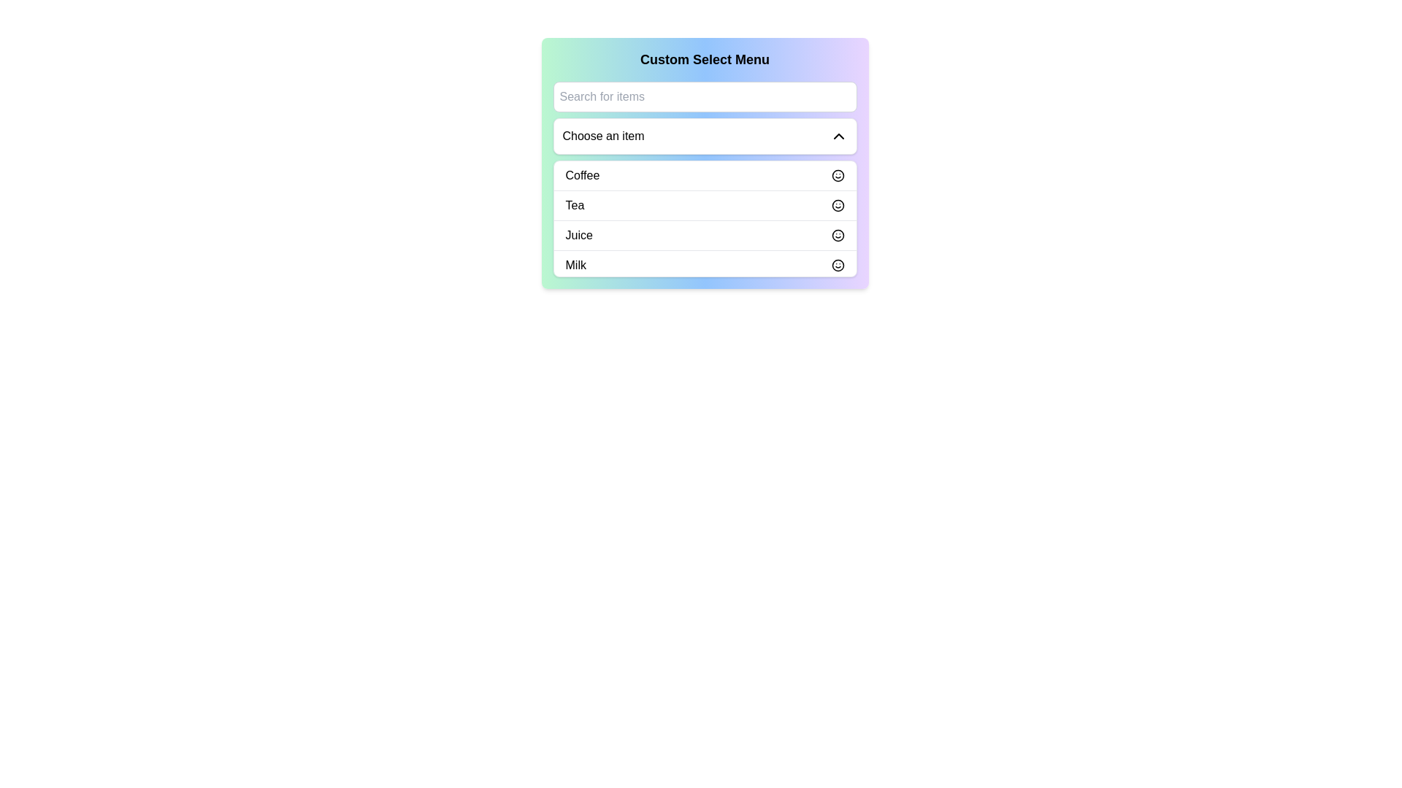 The image size is (1402, 788). What do you see at coordinates (838, 235) in the screenshot?
I see `the smiley face icon, which is styled with a rounded border and positioned to the right of the text 'Juice' in the third row of the menu` at bounding box center [838, 235].